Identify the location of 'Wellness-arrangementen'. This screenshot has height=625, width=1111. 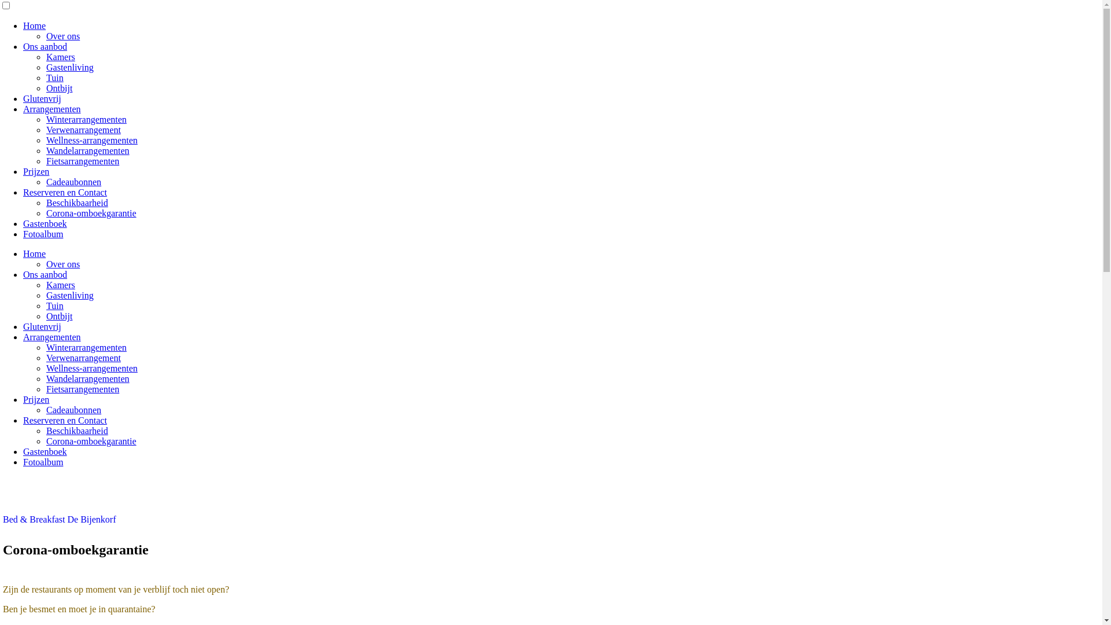
(91, 139).